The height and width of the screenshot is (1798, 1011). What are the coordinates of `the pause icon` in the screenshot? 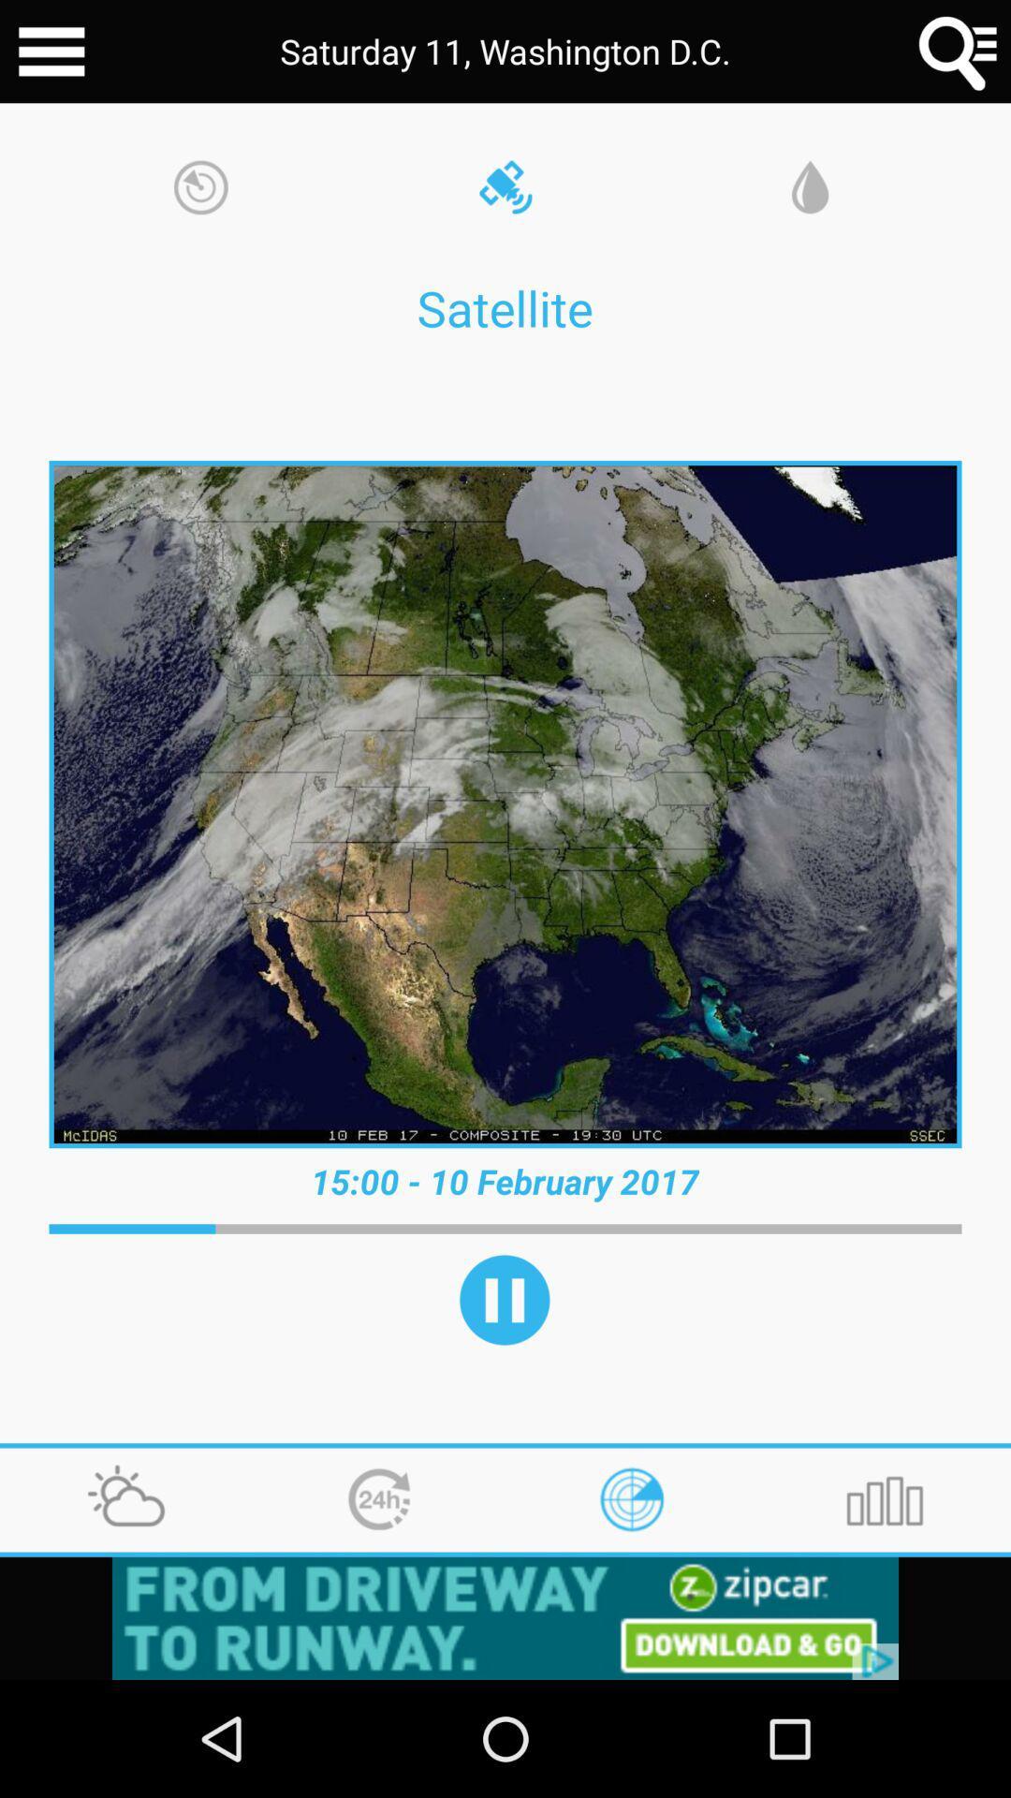 It's located at (504, 1392).